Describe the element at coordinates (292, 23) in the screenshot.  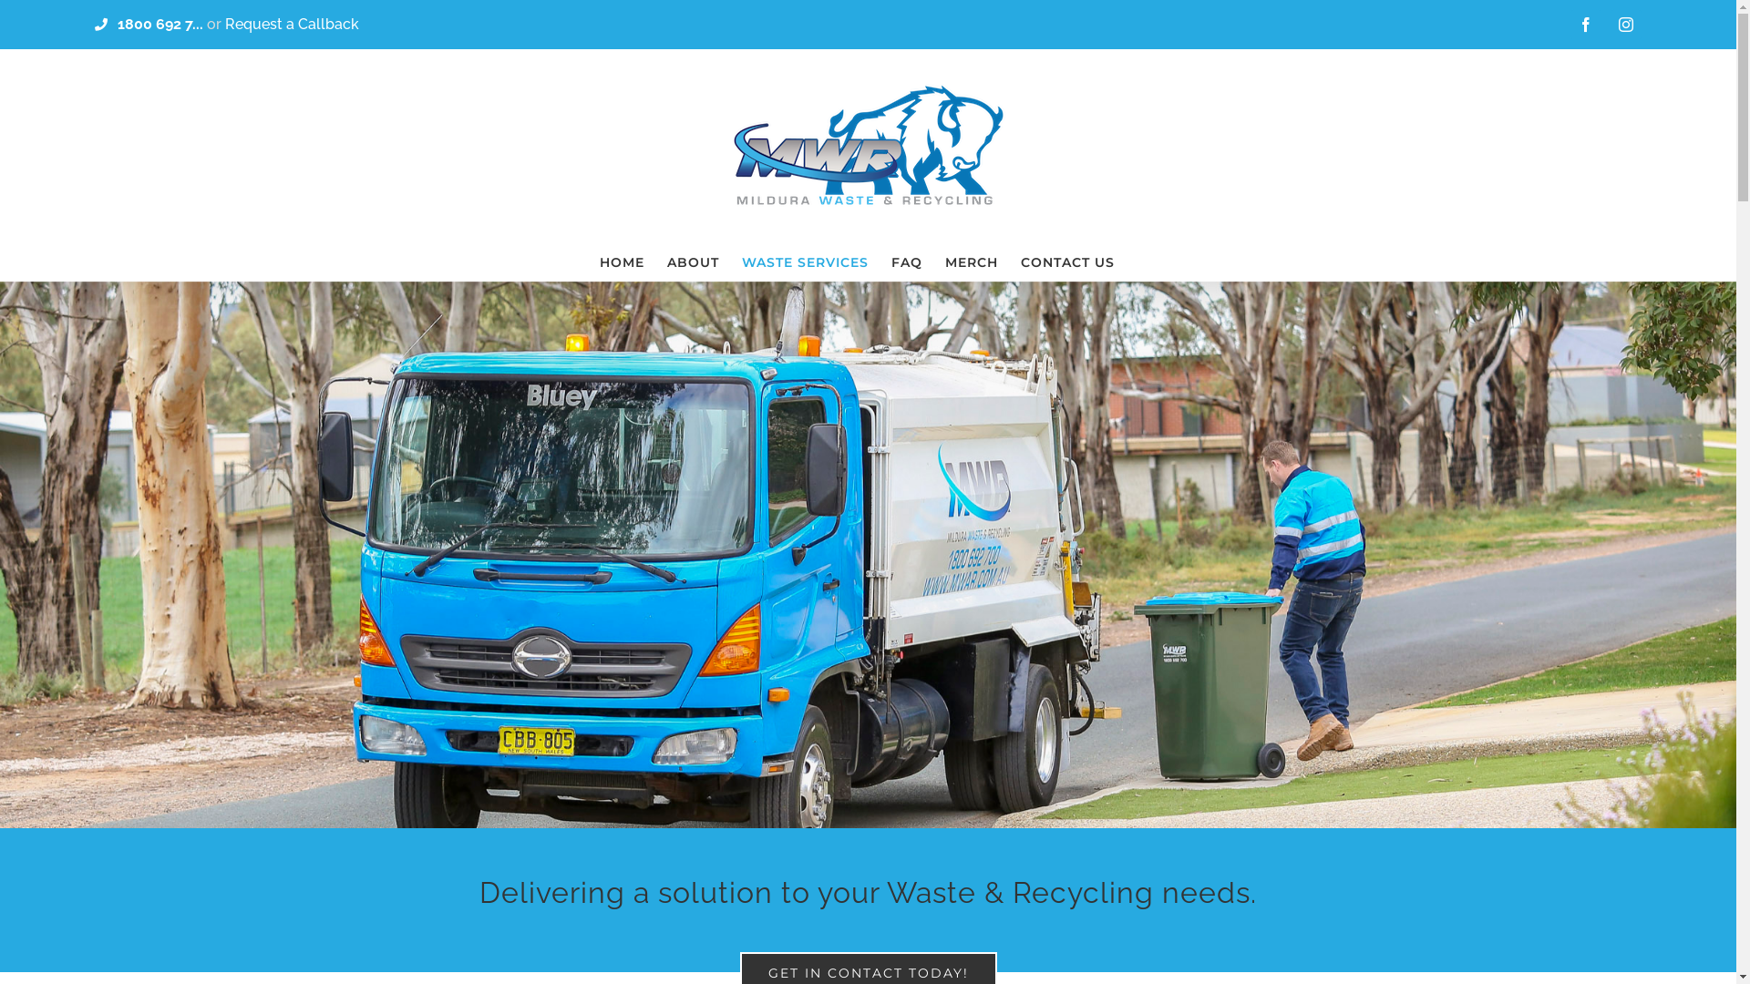
I see `'Request a Callback'` at that location.